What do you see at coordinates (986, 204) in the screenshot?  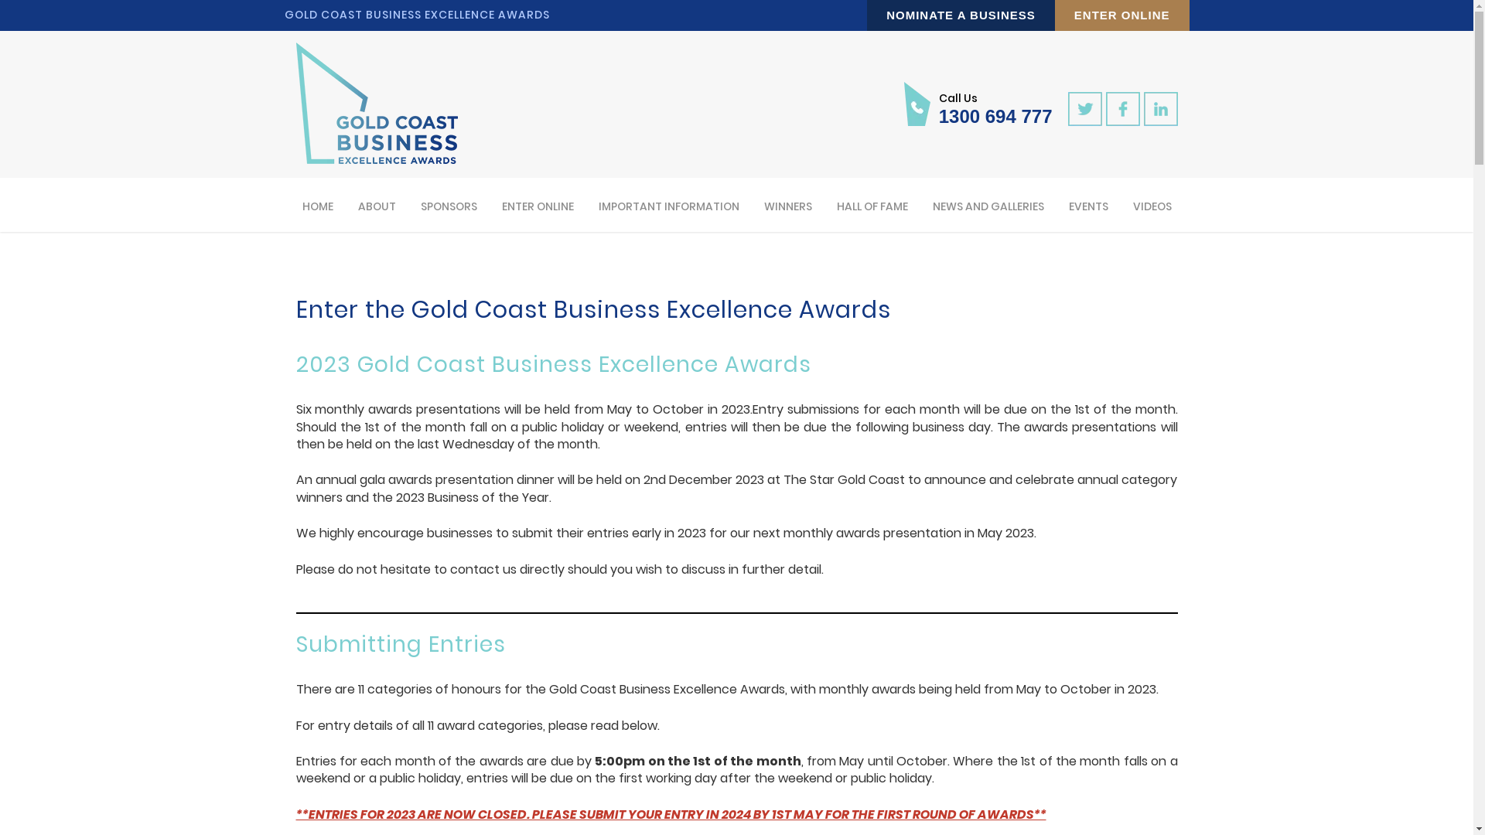 I see `'NEWS AND GALLERIES'` at bounding box center [986, 204].